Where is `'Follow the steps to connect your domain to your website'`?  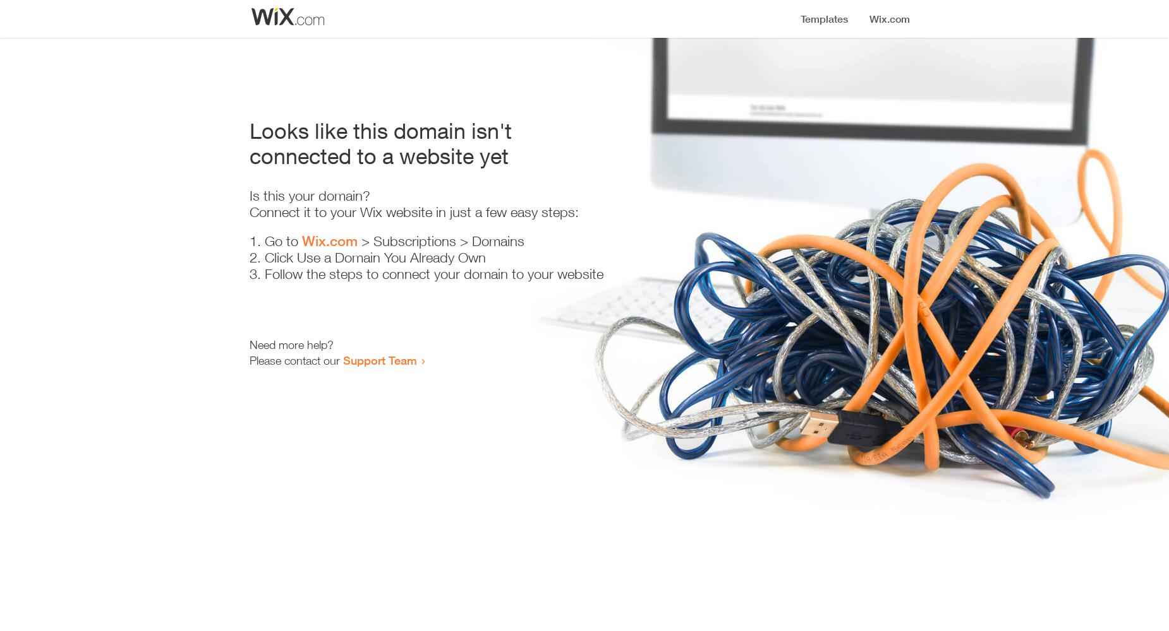
'Follow the steps to connect your domain to your website' is located at coordinates (434, 274).